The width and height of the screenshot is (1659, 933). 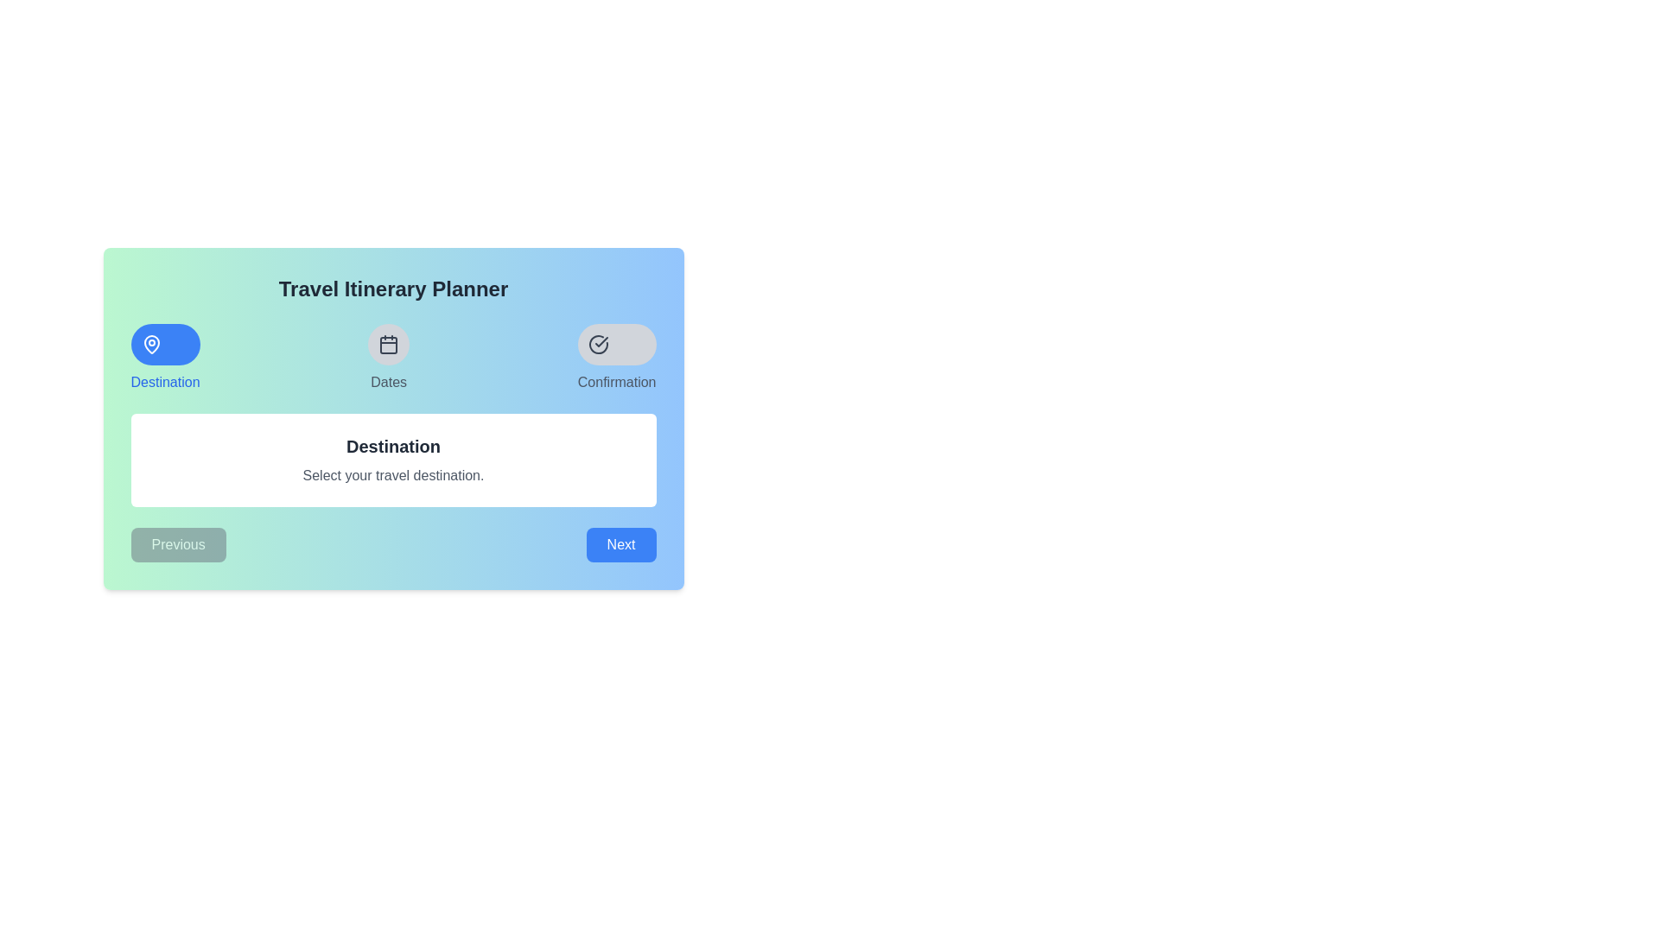 I want to click on the 'Dates' button with an icon located centrally between the 'Destination' and 'Confirmation' buttons, so click(x=388, y=344).